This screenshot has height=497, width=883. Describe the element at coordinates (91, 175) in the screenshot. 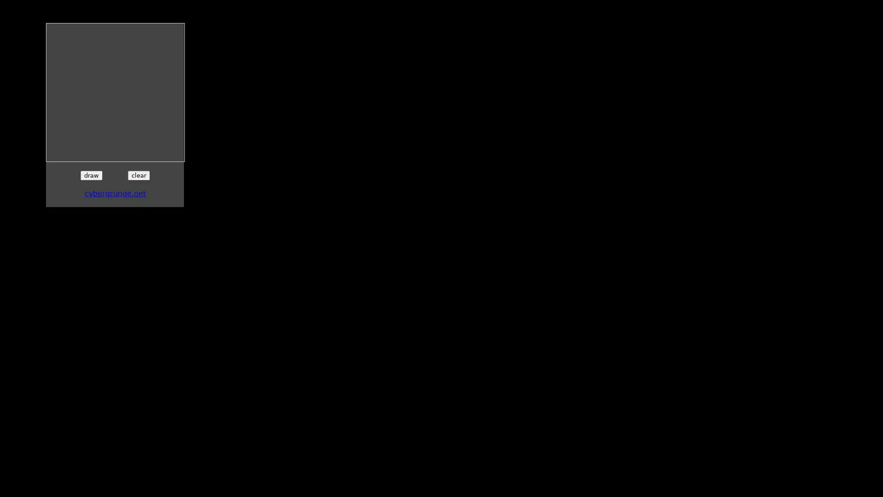

I see `draw` at that location.